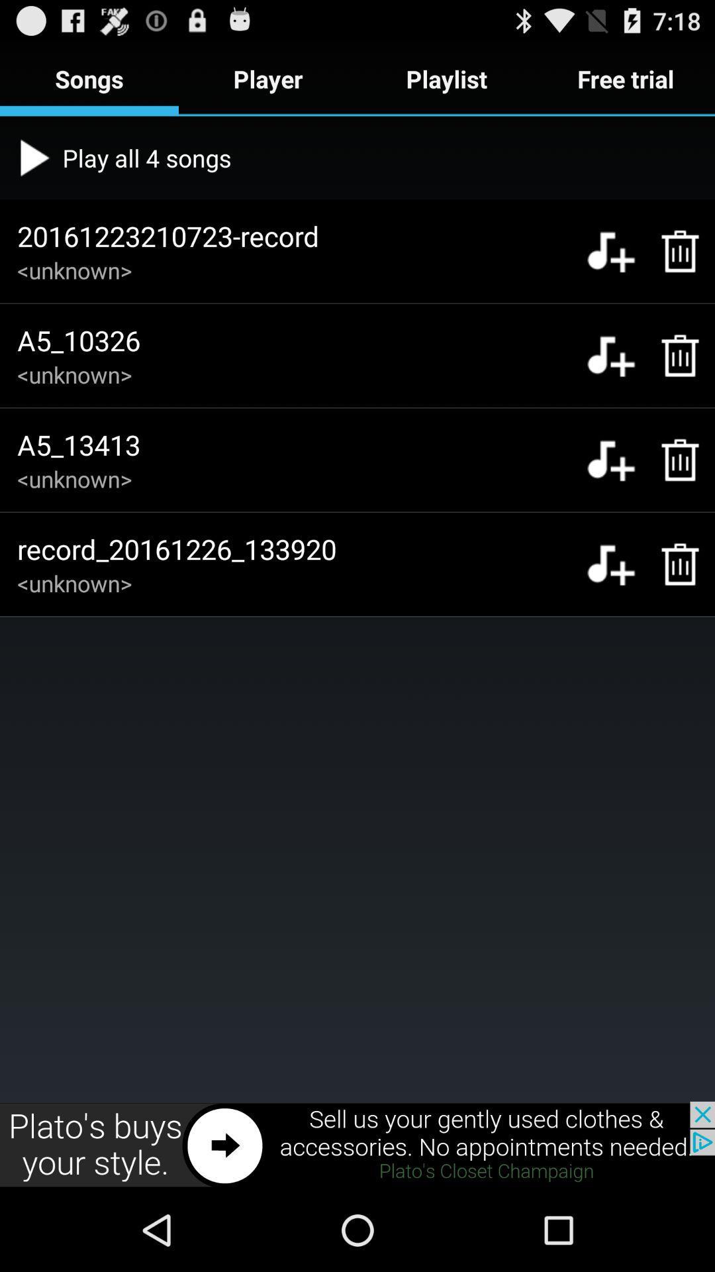  Describe the element at coordinates (610, 251) in the screenshot. I see `song to playlist` at that location.